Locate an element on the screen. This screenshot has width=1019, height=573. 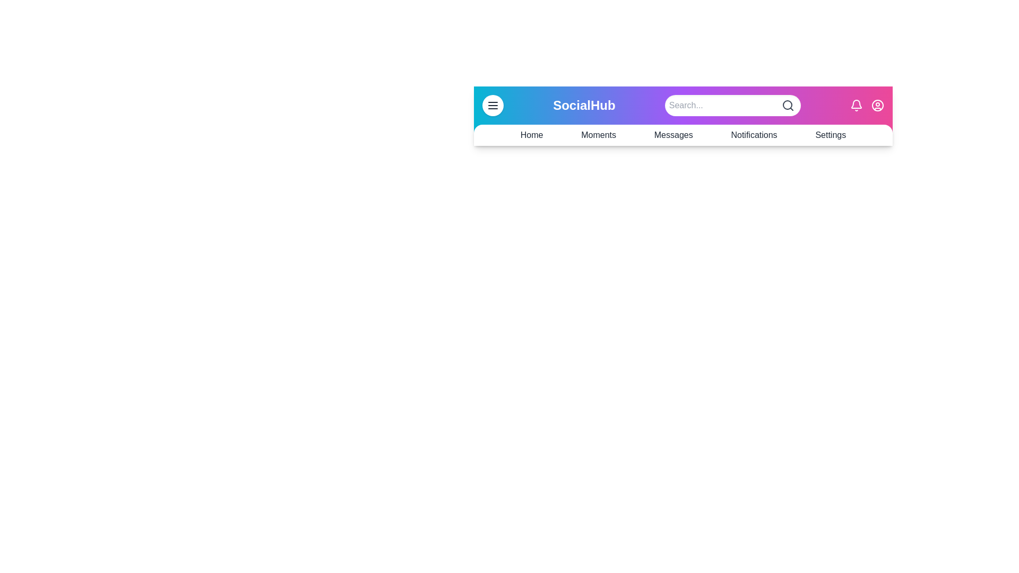
the navigation link Moments from the SocialAppBar is located at coordinates (599, 134).